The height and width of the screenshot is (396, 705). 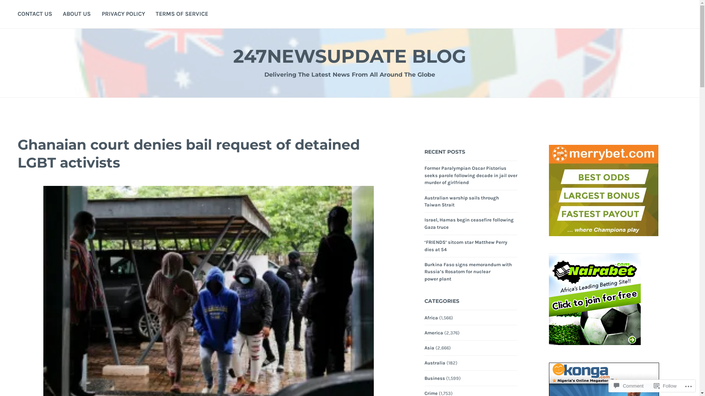 What do you see at coordinates (431, 318) in the screenshot?
I see `'Africa'` at bounding box center [431, 318].